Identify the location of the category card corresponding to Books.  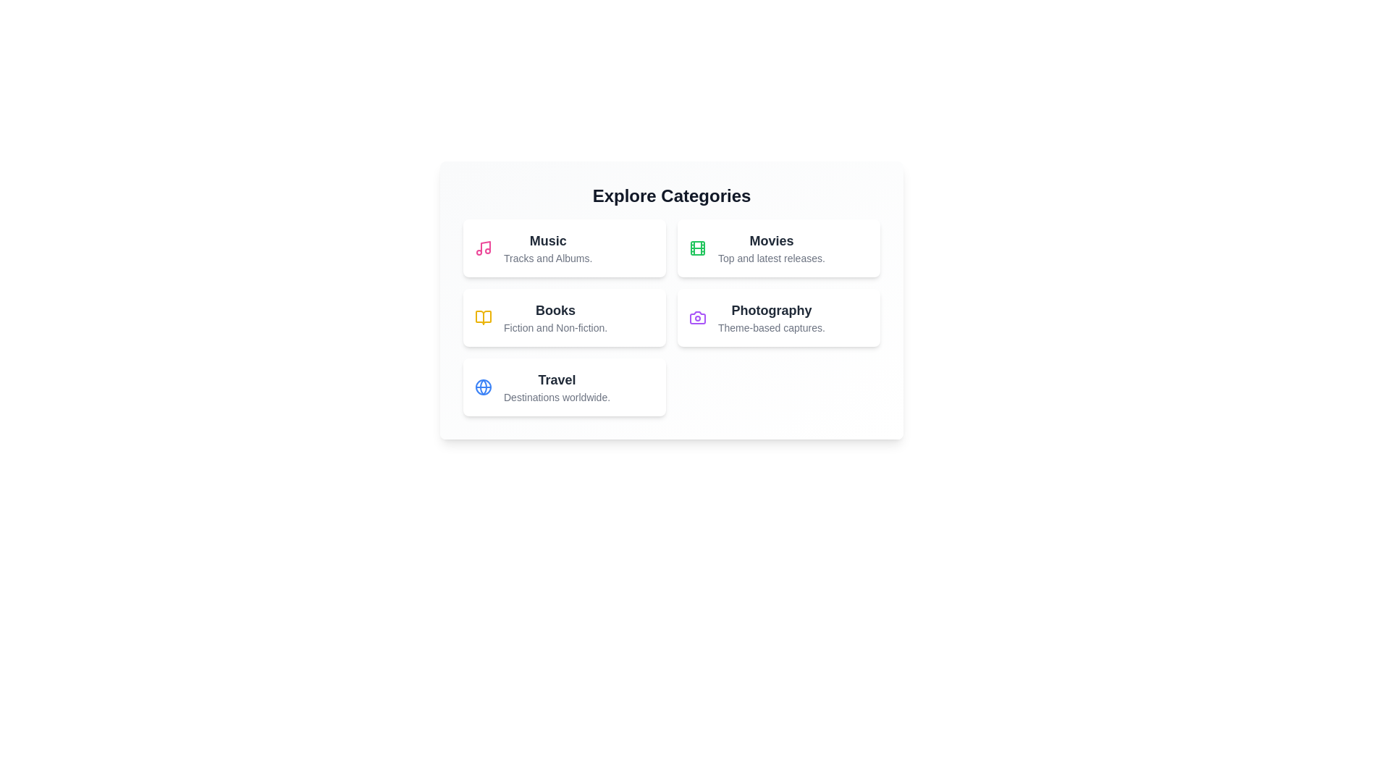
(563, 317).